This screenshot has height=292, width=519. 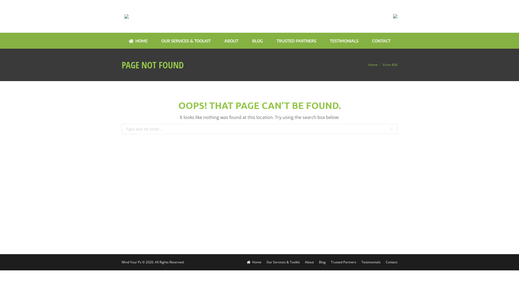 I want to click on 'CONTACT', so click(x=372, y=41).